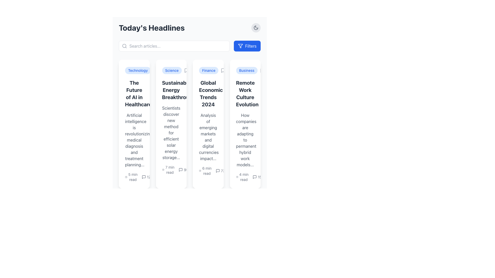 This screenshot has height=278, width=495. What do you see at coordinates (181, 170) in the screenshot?
I see `the small speech bubble icon representing comments on the second card, located at the bottom section near the estimated reading time` at bounding box center [181, 170].